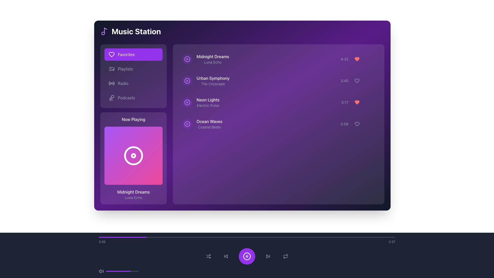 This screenshot has height=278, width=494. What do you see at coordinates (279, 237) in the screenshot?
I see `playback progress` at bounding box center [279, 237].